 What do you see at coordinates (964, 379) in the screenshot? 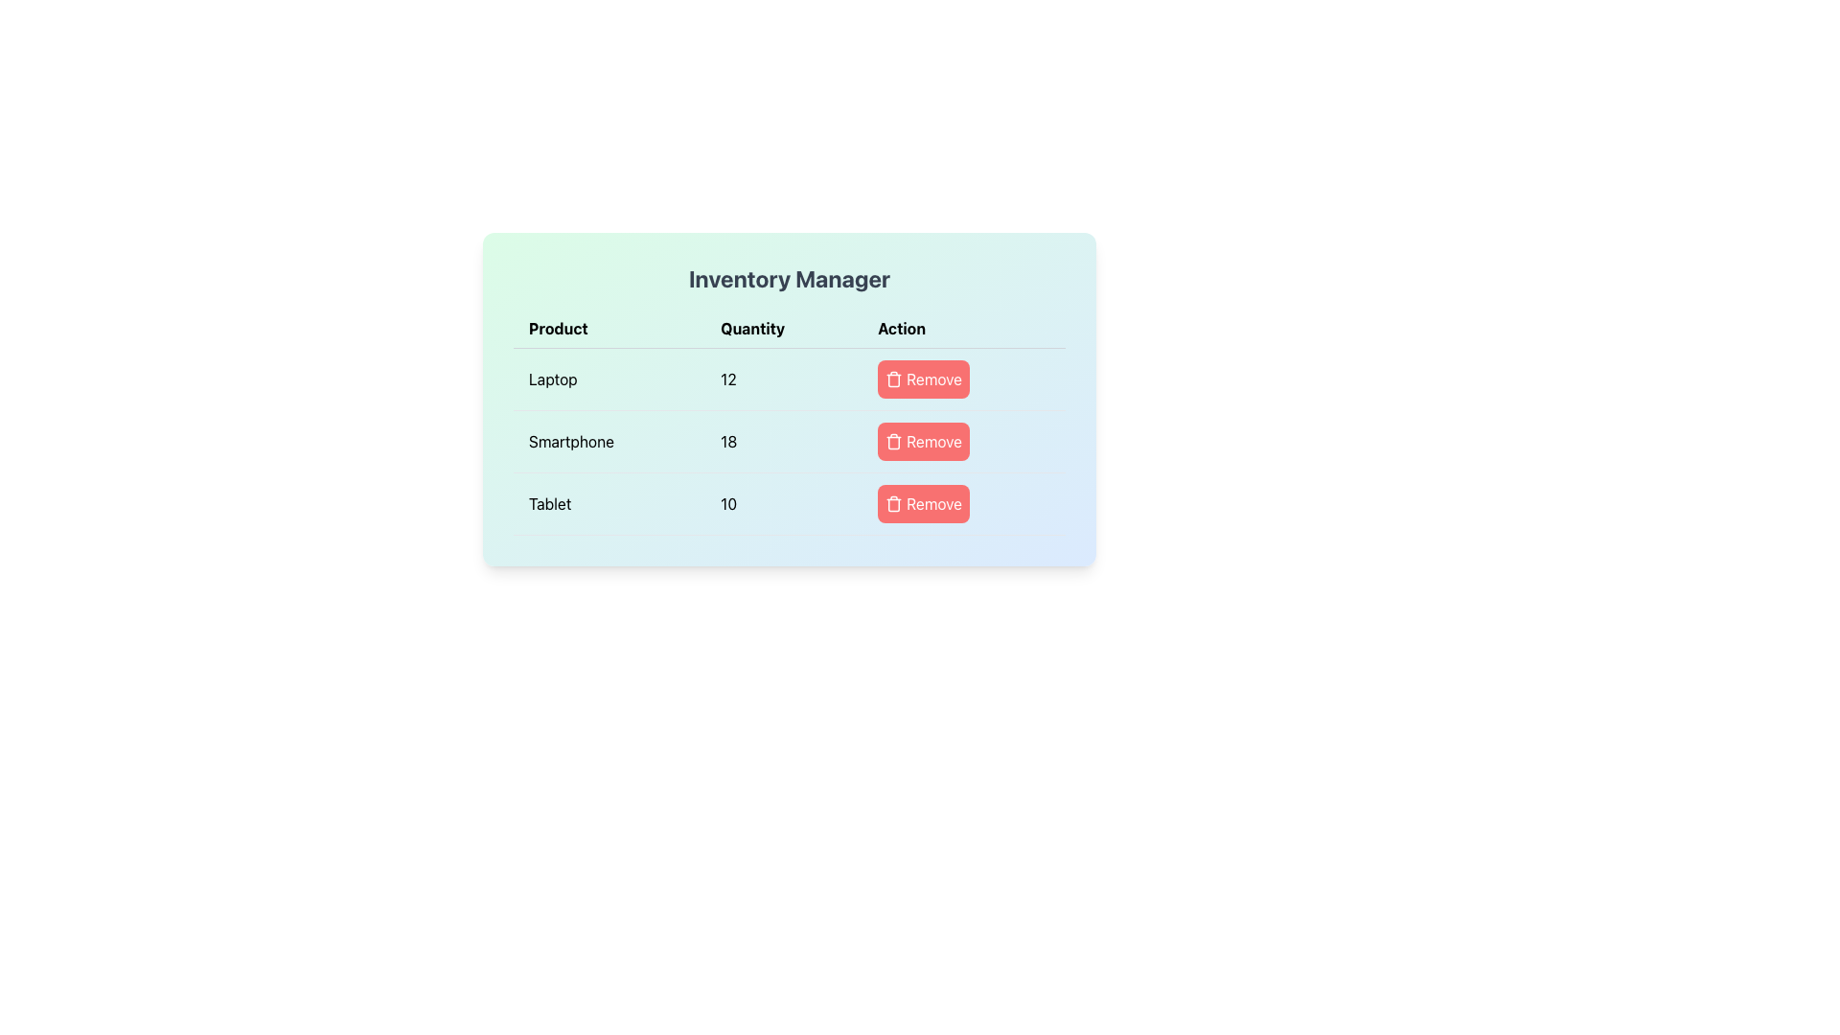
I see `the button in the 'Action' column of the first row in the 'Inventory Manager' table, which is located adjacent to the '12' in the 'Quantity' column` at bounding box center [964, 379].